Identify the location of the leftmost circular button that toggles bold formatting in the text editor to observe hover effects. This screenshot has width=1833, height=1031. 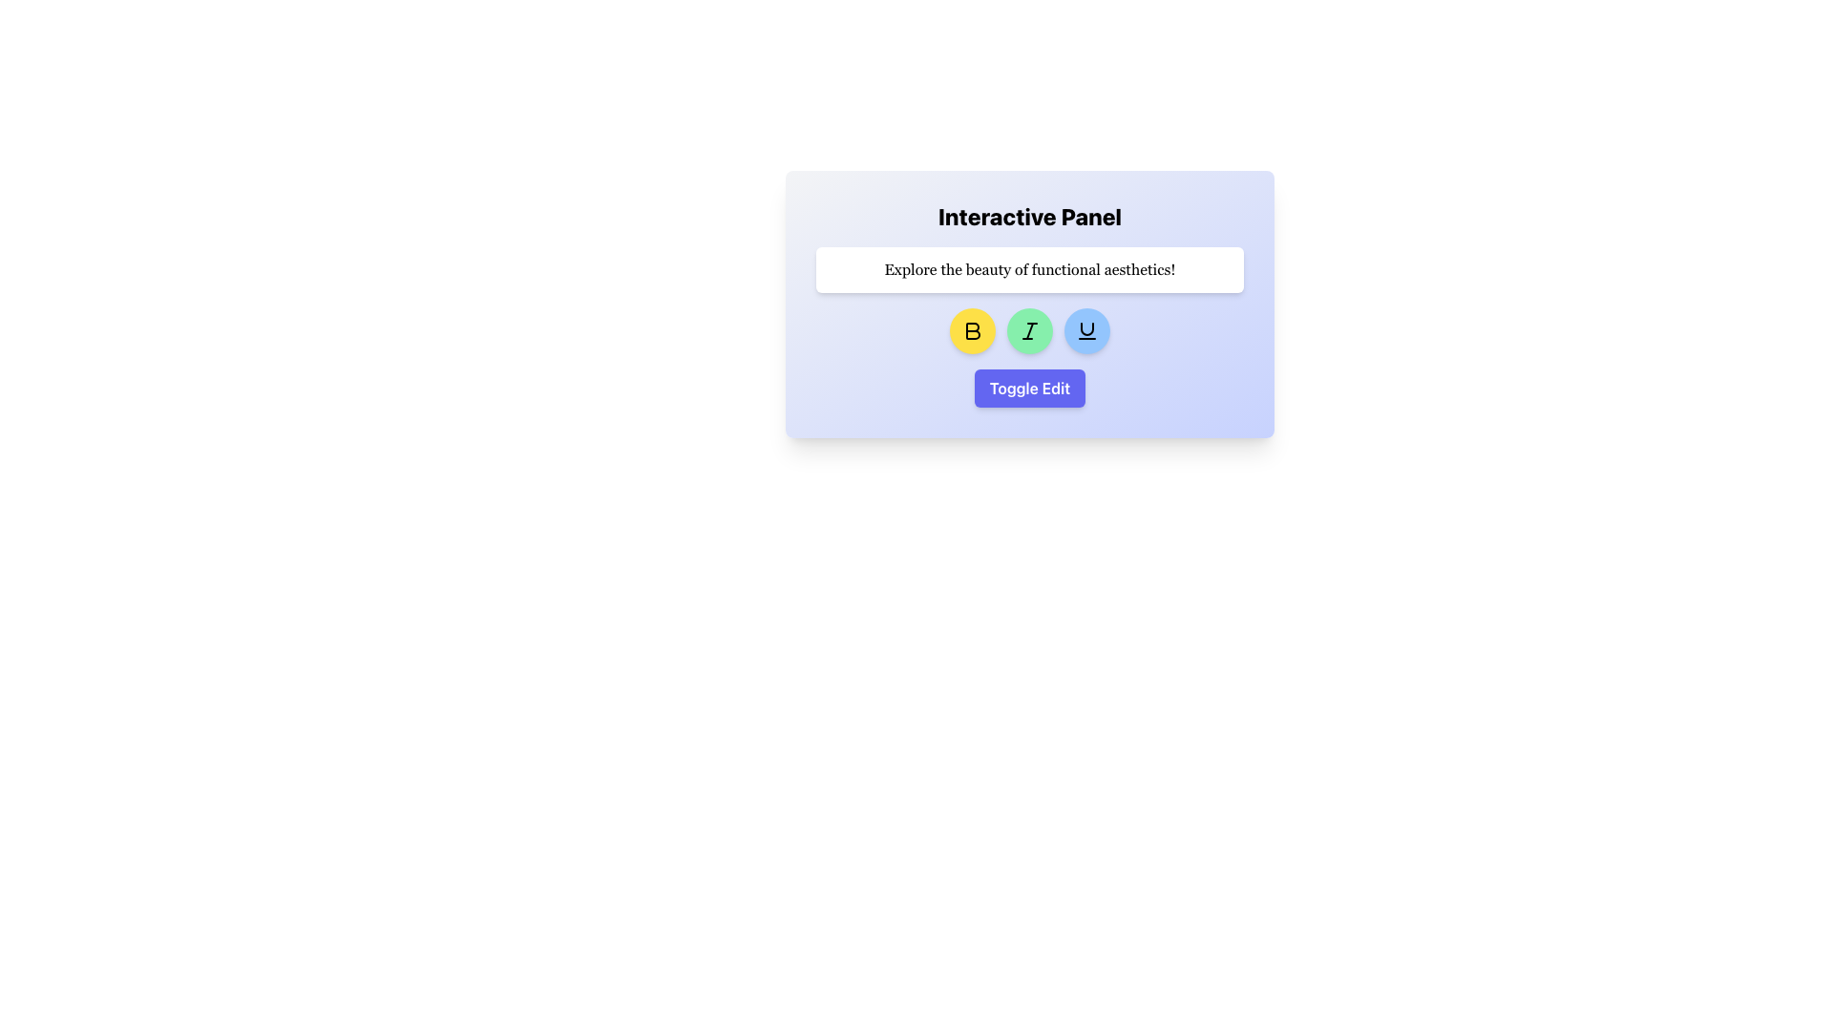
(972, 330).